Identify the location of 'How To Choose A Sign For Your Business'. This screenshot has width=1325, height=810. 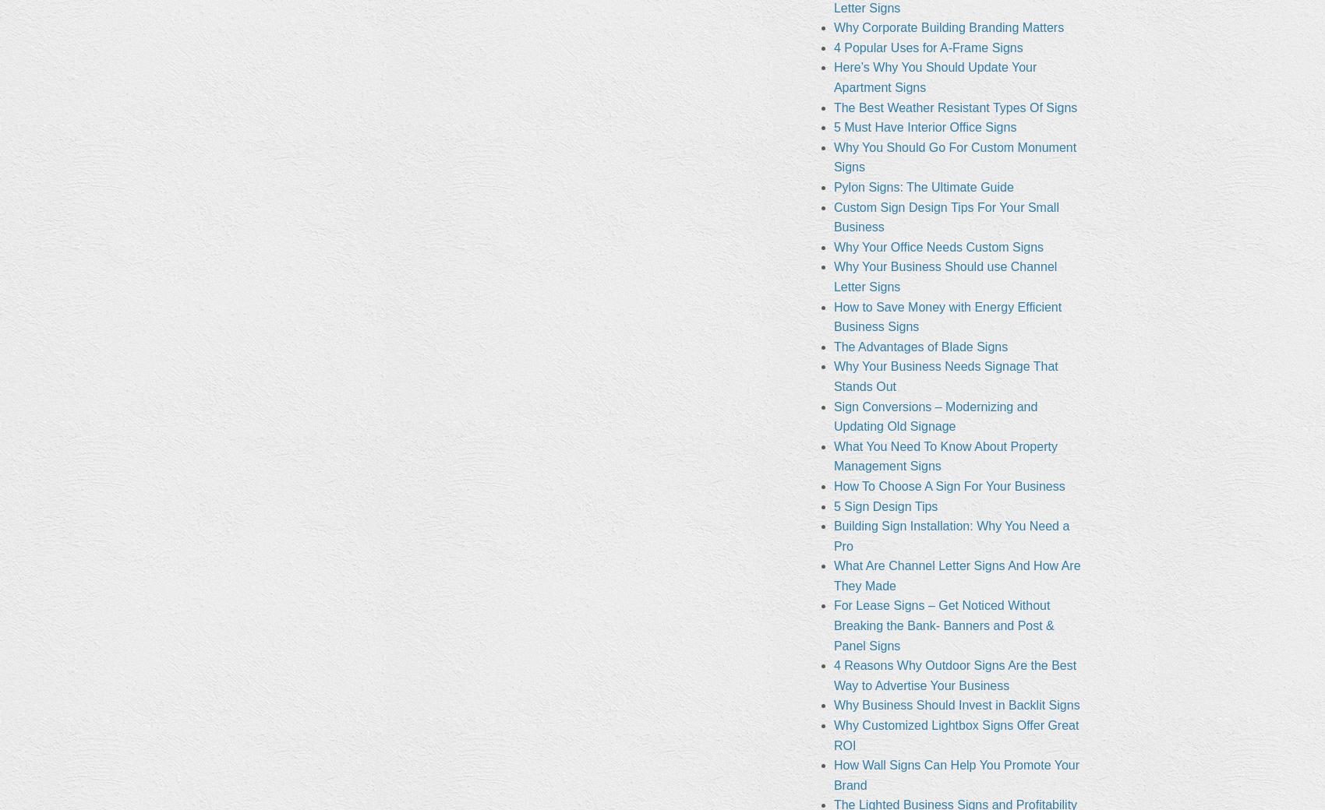
(948, 484).